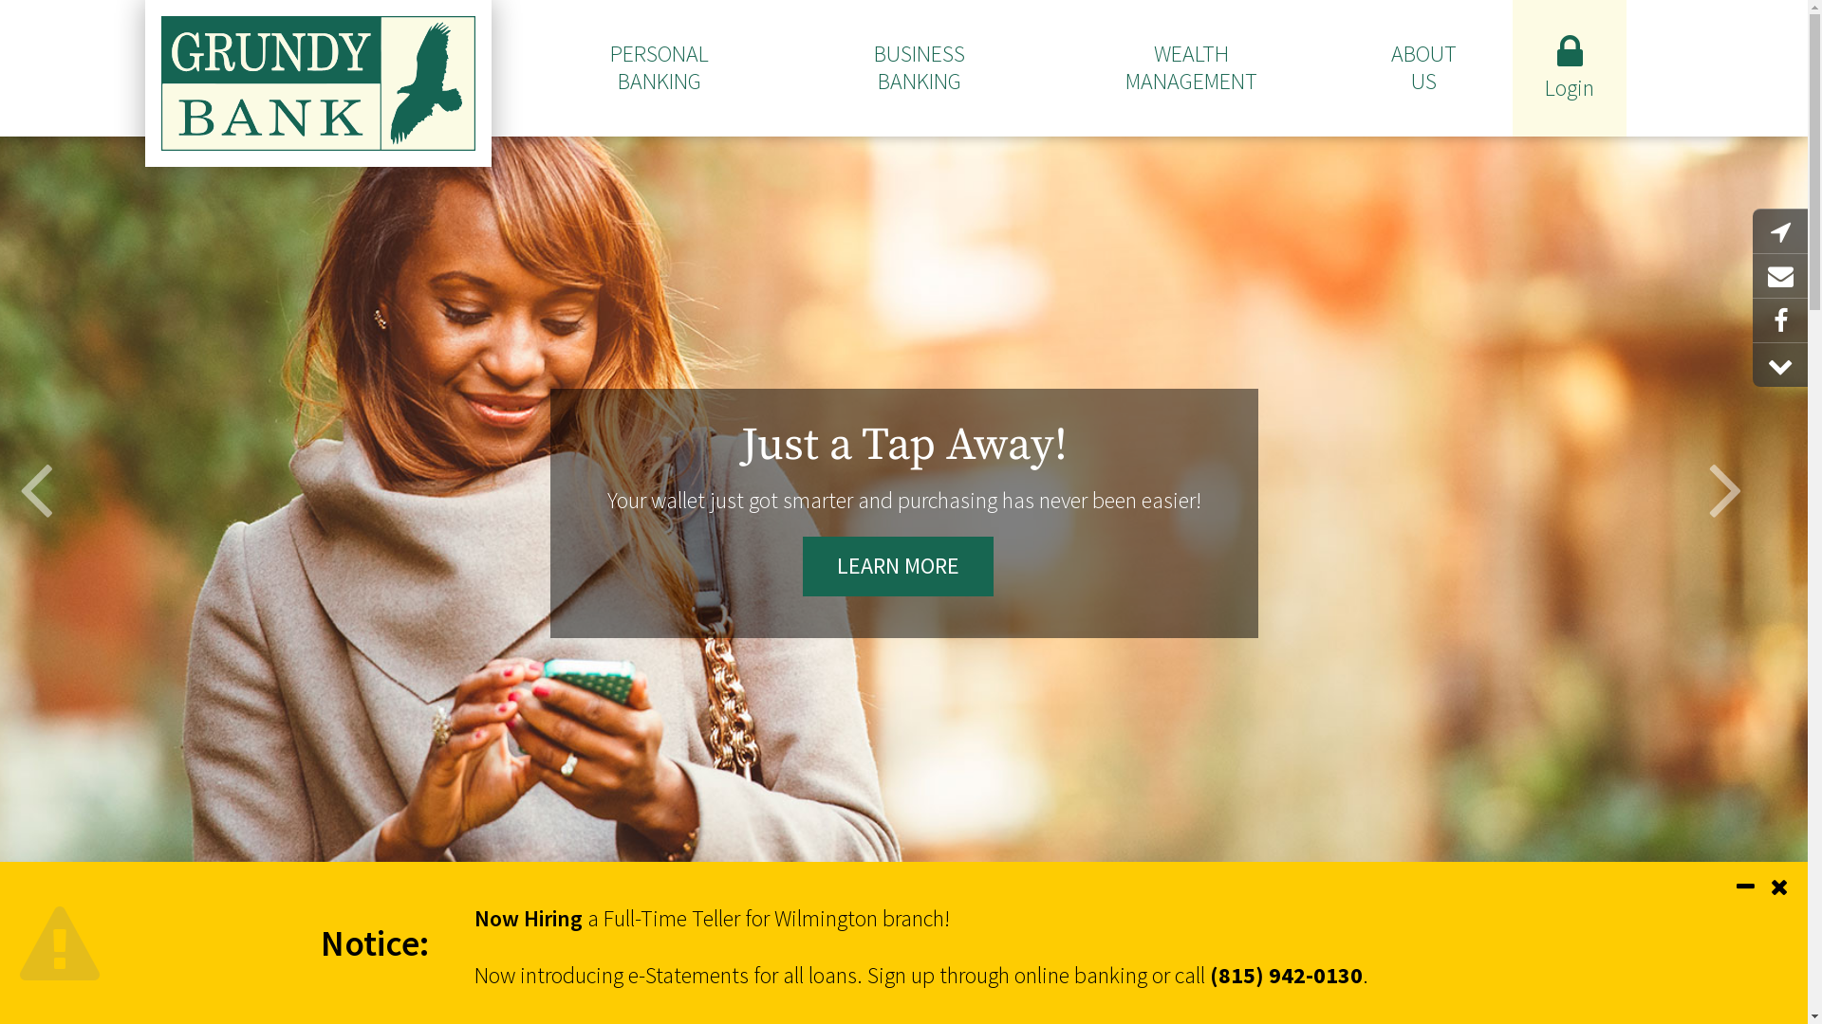 This screenshot has width=1822, height=1024. Describe the element at coordinates (1779, 230) in the screenshot. I see `'Locations'` at that location.